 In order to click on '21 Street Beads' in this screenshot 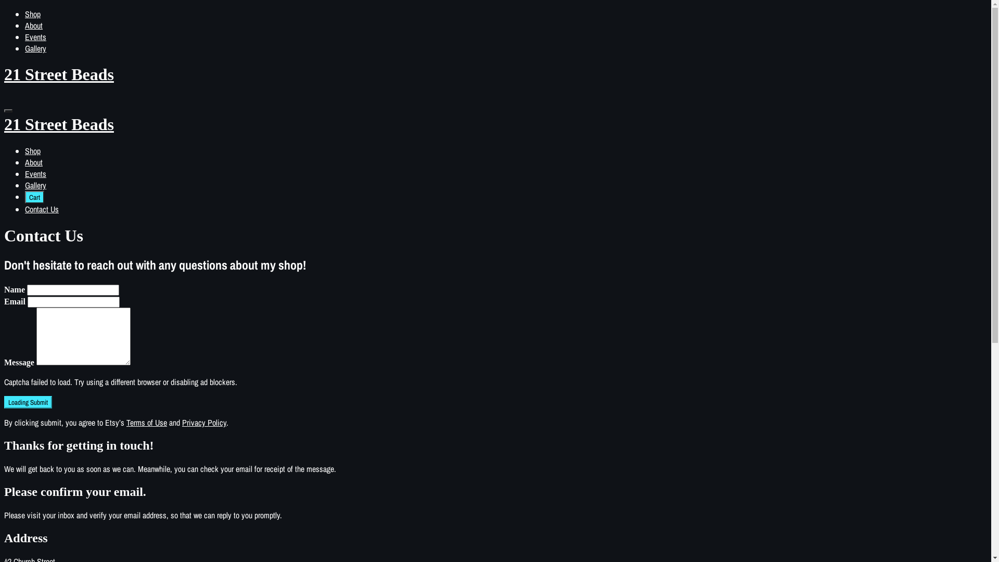, I will do `click(495, 134)`.